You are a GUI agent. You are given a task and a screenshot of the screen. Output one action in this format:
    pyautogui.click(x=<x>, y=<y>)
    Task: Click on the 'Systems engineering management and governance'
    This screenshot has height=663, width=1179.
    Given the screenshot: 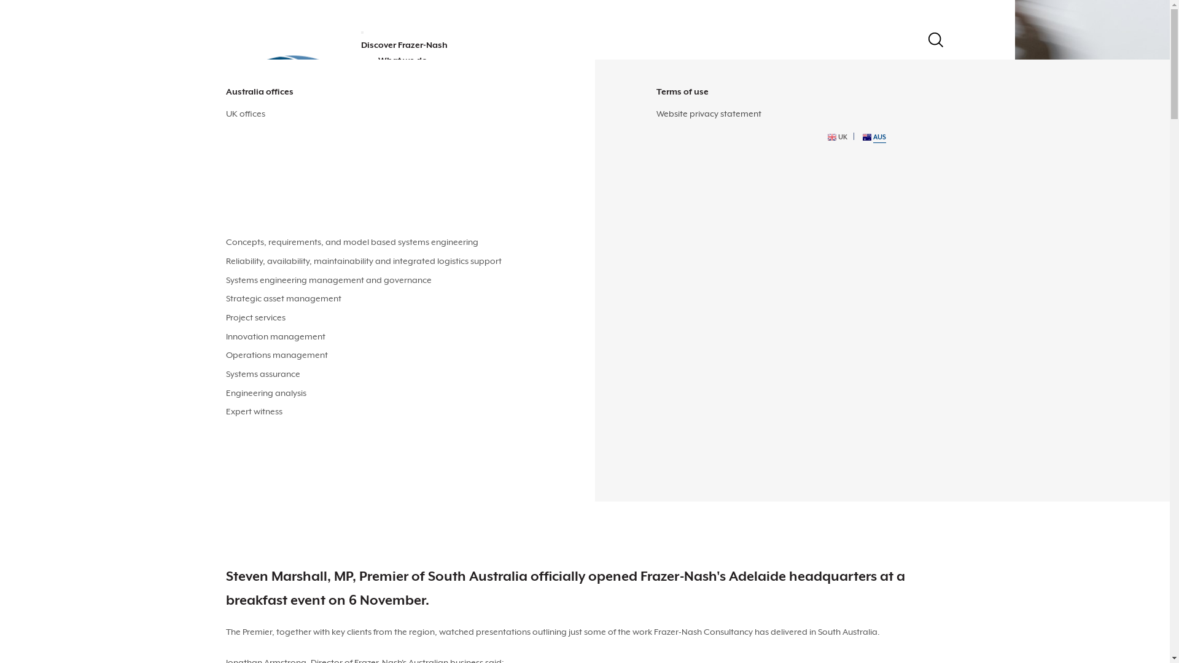 What is the action you would take?
    pyautogui.click(x=329, y=279)
    